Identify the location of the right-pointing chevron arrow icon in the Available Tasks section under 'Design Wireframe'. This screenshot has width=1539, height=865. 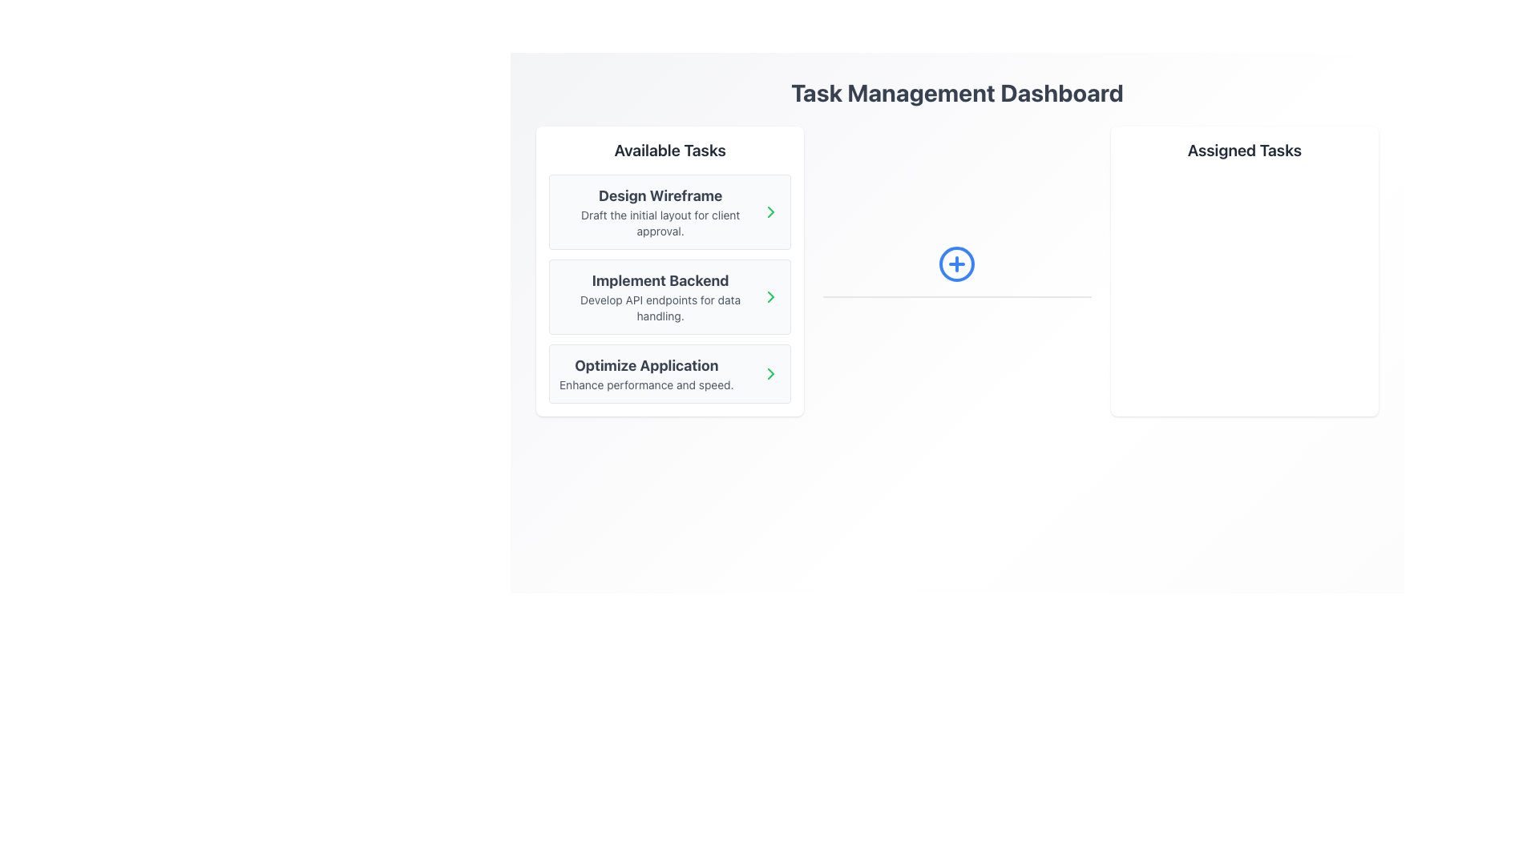
(770, 211).